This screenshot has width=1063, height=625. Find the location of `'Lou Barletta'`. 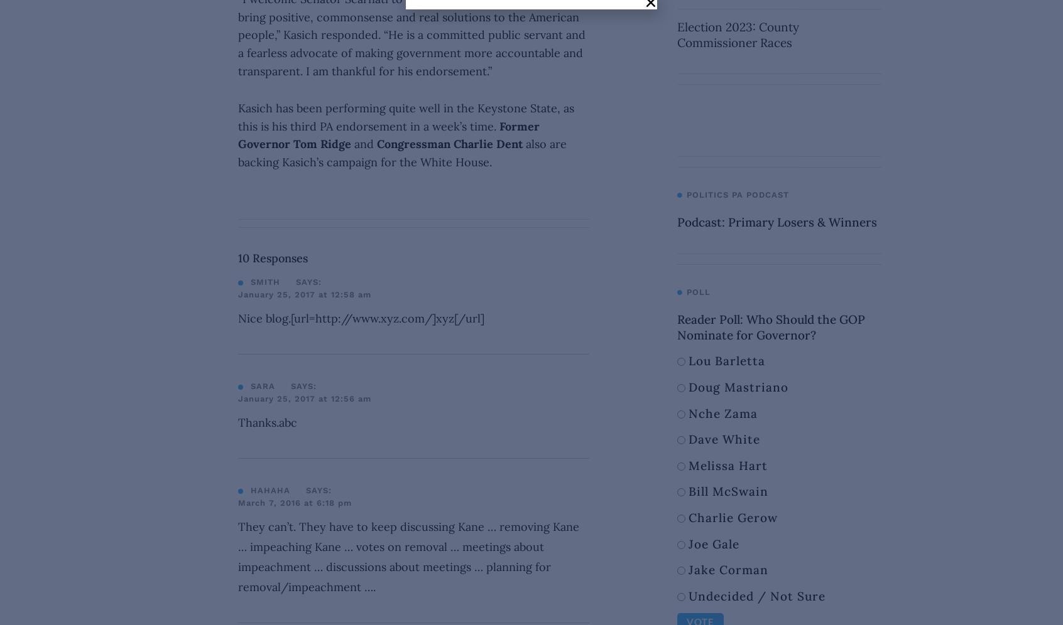

'Lou Barletta' is located at coordinates (725, 360).